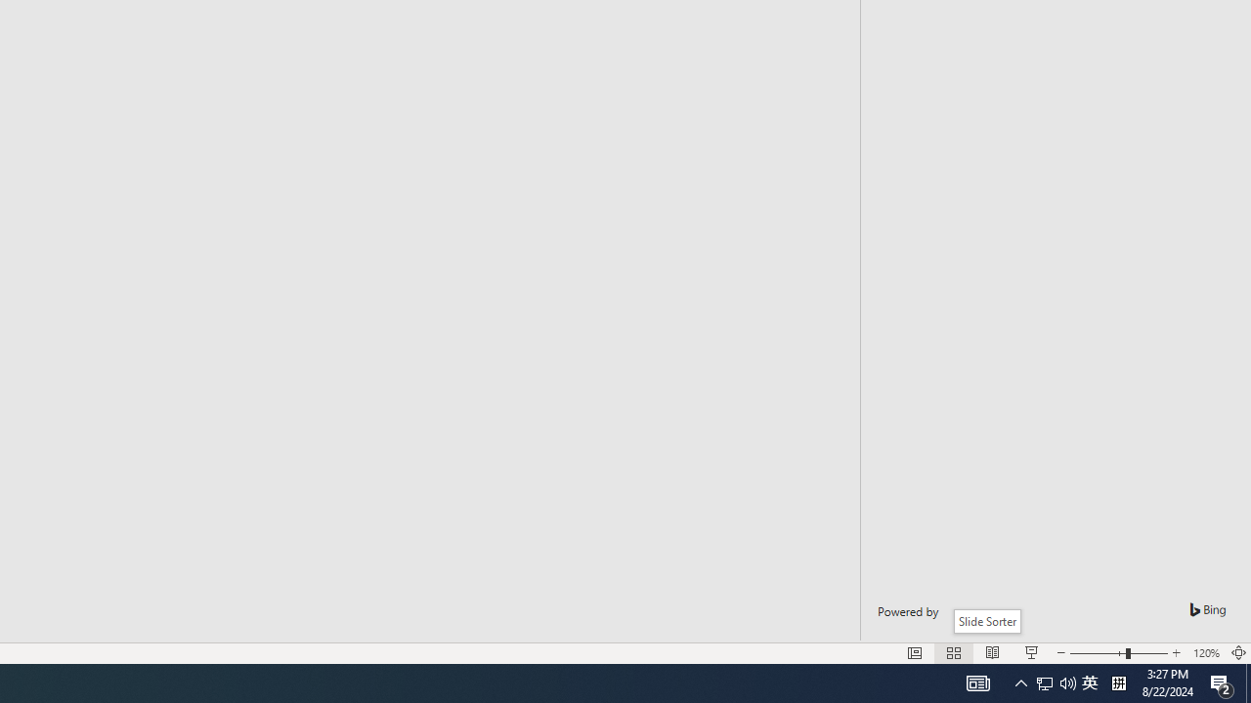 This screenshot has height=703, width=1251. What do you see at coordinates (1098, 653) in the screenshot?
I see `'Zoom Out'` at bounding box center [1098, 653].